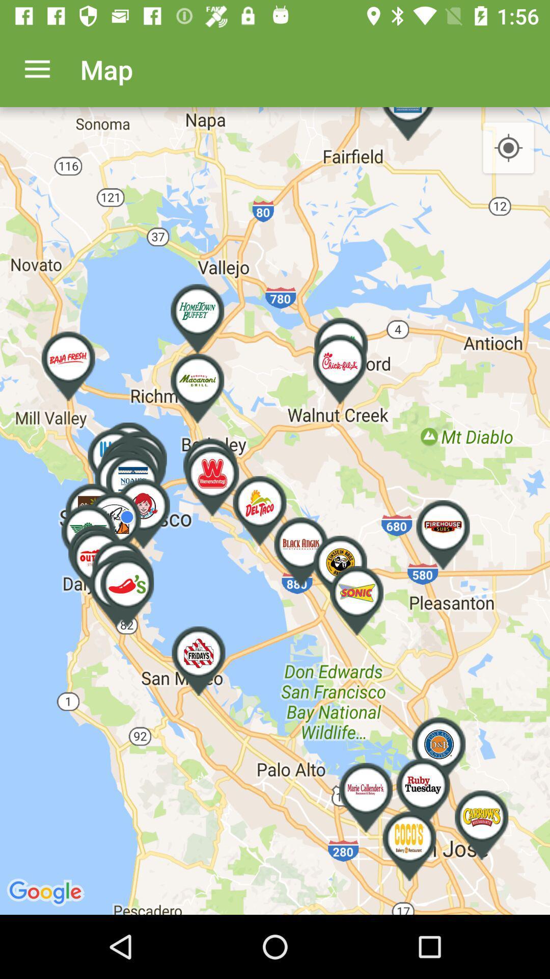  I want to click on the icon at the top right corner, so click(508, 148).